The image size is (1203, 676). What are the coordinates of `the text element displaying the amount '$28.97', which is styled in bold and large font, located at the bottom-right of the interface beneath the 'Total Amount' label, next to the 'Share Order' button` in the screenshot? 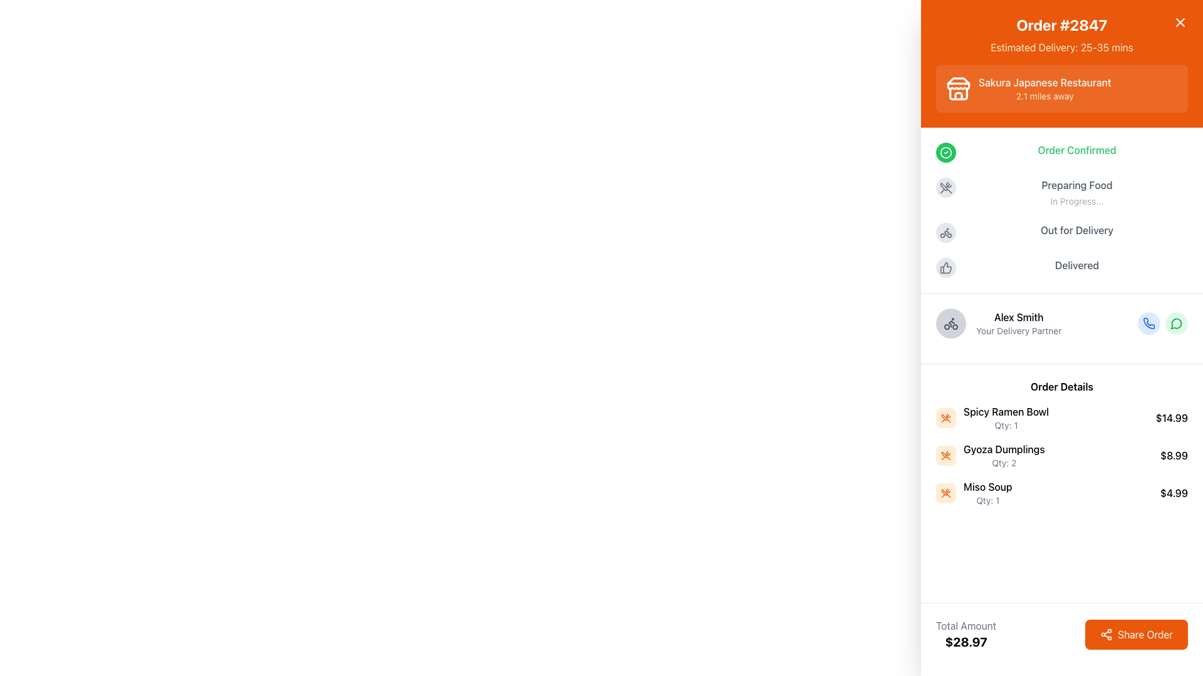 It's located at (966, 642).